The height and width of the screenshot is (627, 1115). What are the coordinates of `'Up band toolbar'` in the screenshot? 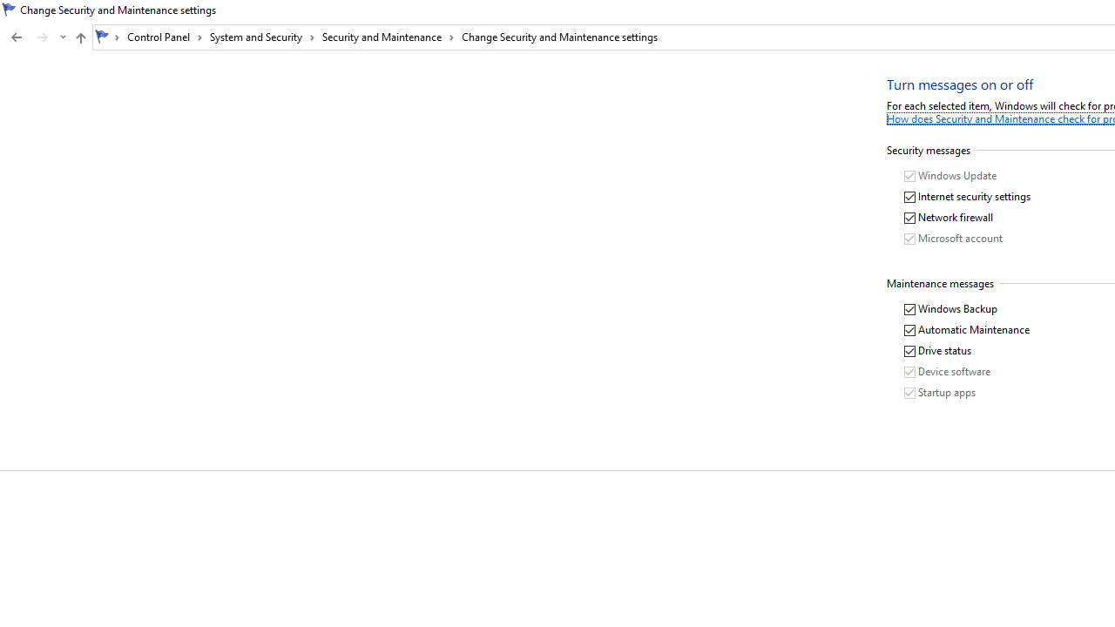 It's located at (79, 39).